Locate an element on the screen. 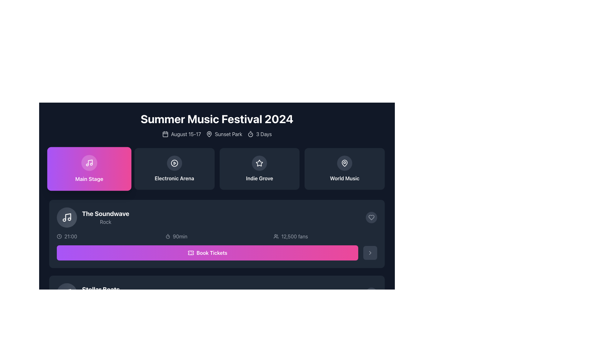 This screenshot has width=606, height=341. the heart-shaped icon to mark it as a favorite, which is located to the right of the music event's details and styled as a button is located at coordinates (371, 217).